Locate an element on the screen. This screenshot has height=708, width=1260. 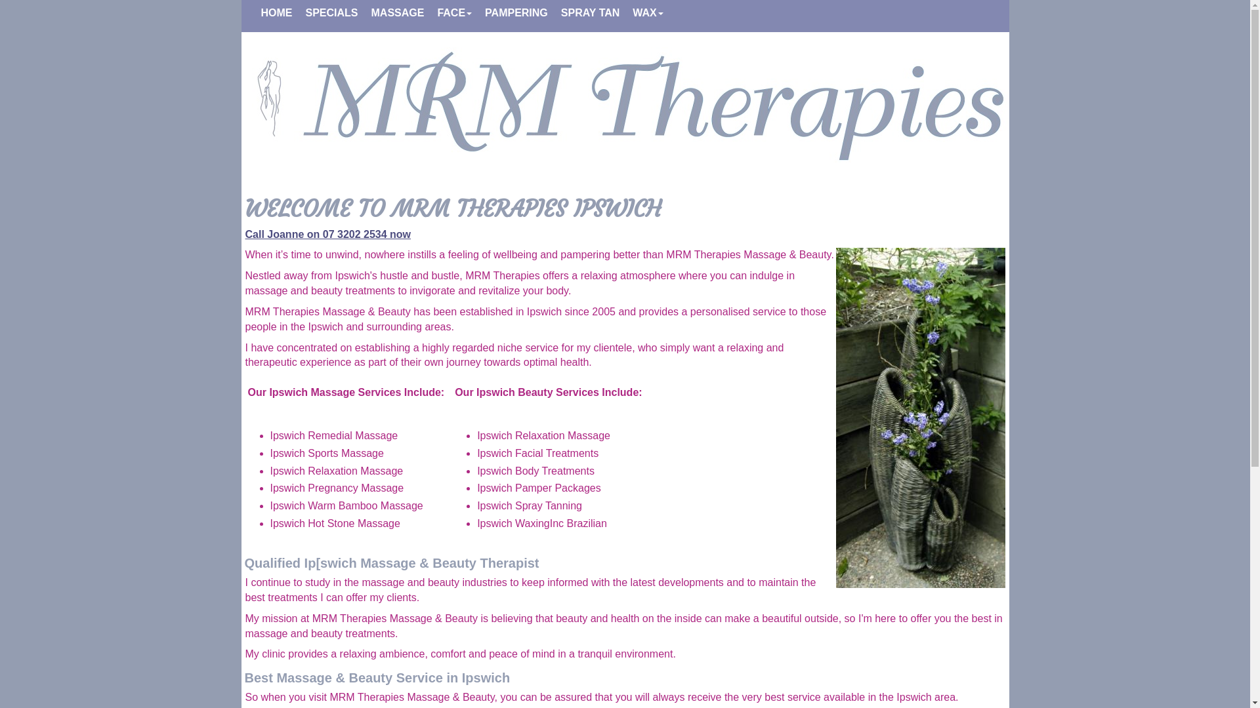
'WAX' is located at coordinates (648, 12).